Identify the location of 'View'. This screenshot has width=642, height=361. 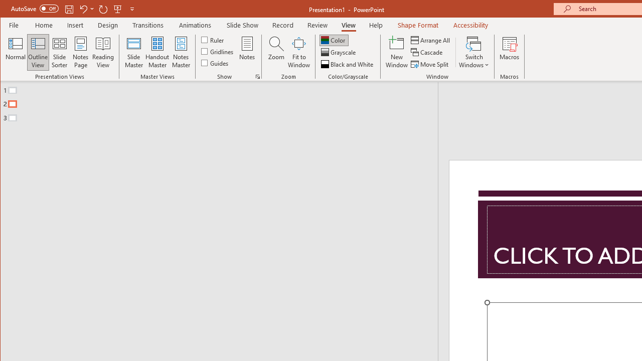
(349, 25).